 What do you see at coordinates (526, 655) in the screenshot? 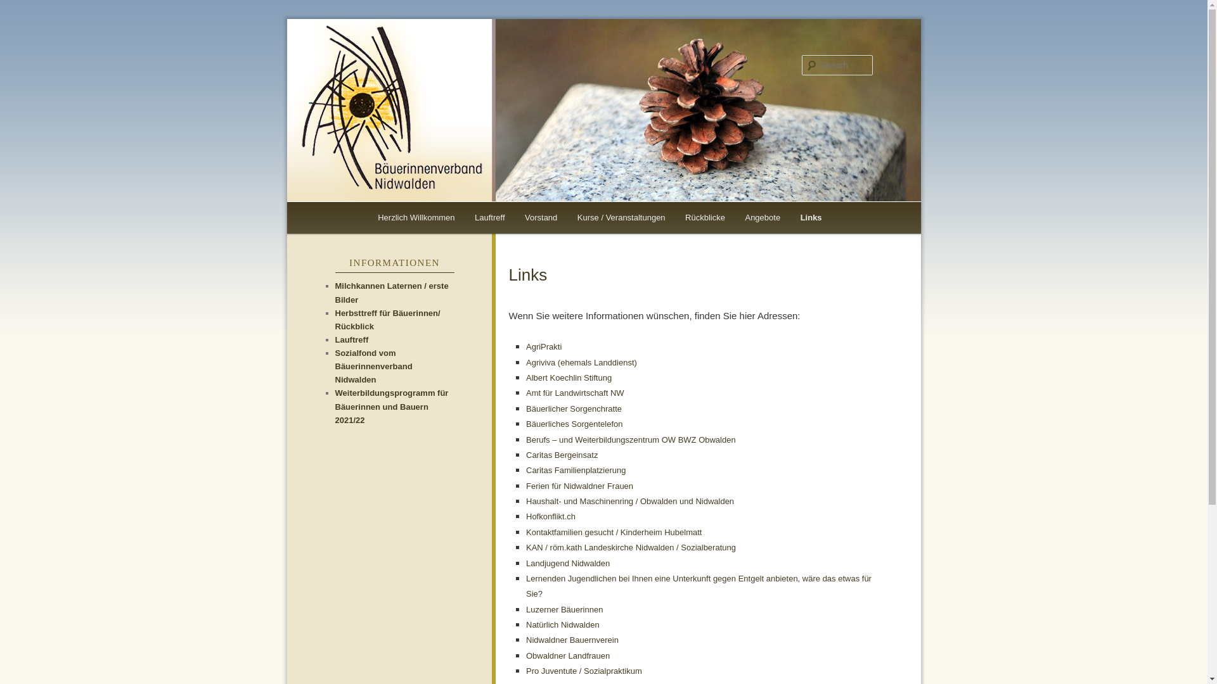
I see `'Obwaldner Landfrauen'` at bounding box center [526, 655].